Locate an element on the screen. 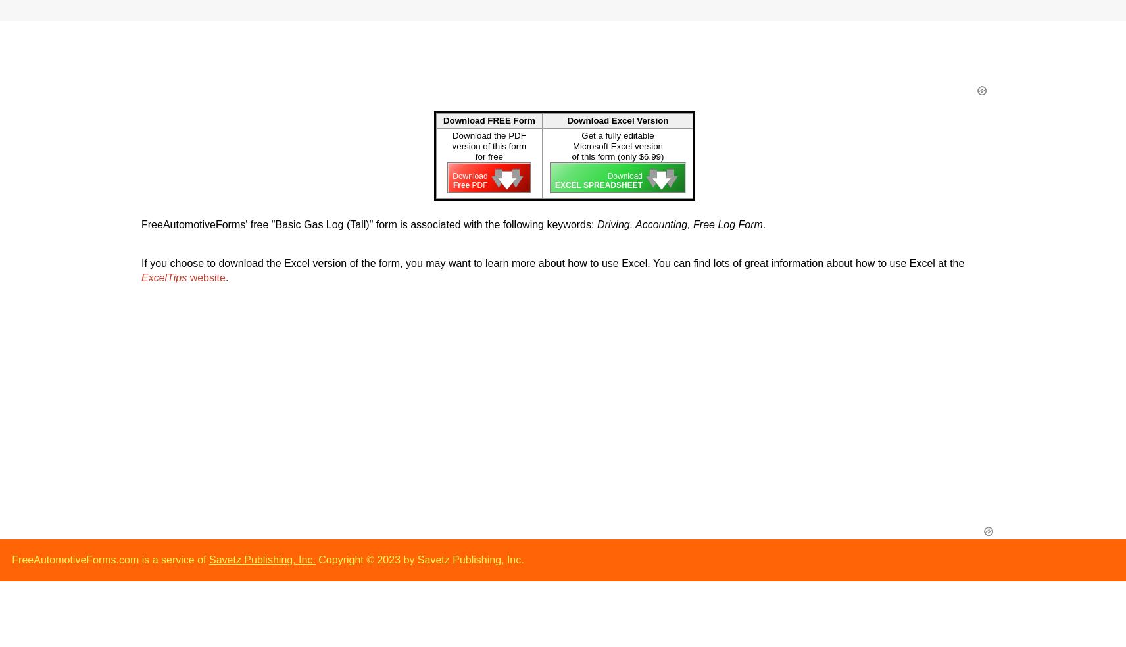 Image resolution: width=1126 pixels, height=647 pixels. 'Download the PDF' is located at coordinates (489, 135).